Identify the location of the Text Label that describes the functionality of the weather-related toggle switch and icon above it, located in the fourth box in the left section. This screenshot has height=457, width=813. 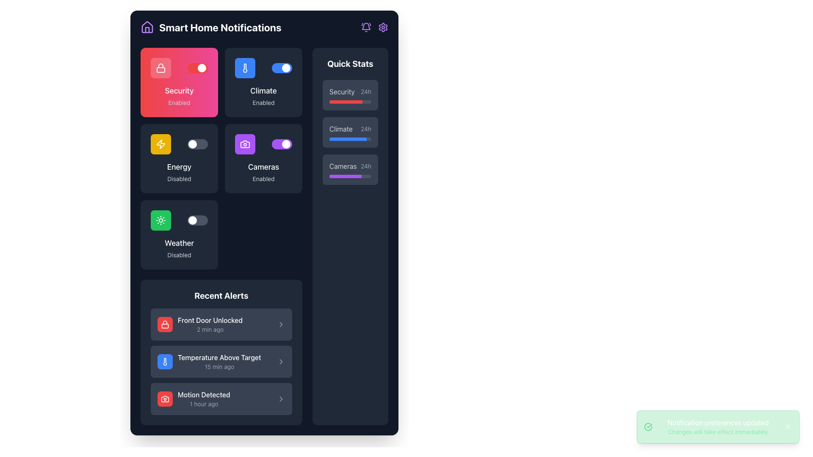
(179, 243).